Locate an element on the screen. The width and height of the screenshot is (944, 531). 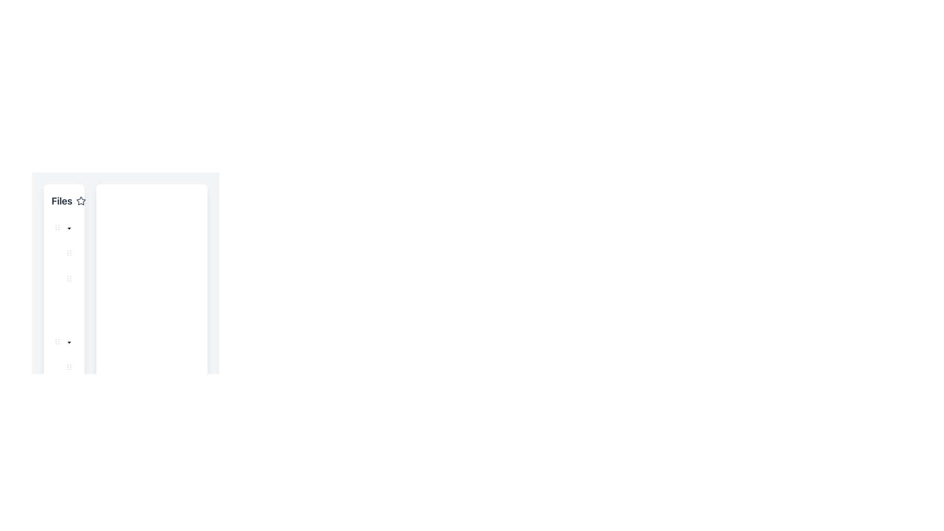
the bold title text 'Files' in the left sidebar, which is styled with a dark gray font and is the first visible item in the vertical list of navigation items is located at coordinates (63, 200).